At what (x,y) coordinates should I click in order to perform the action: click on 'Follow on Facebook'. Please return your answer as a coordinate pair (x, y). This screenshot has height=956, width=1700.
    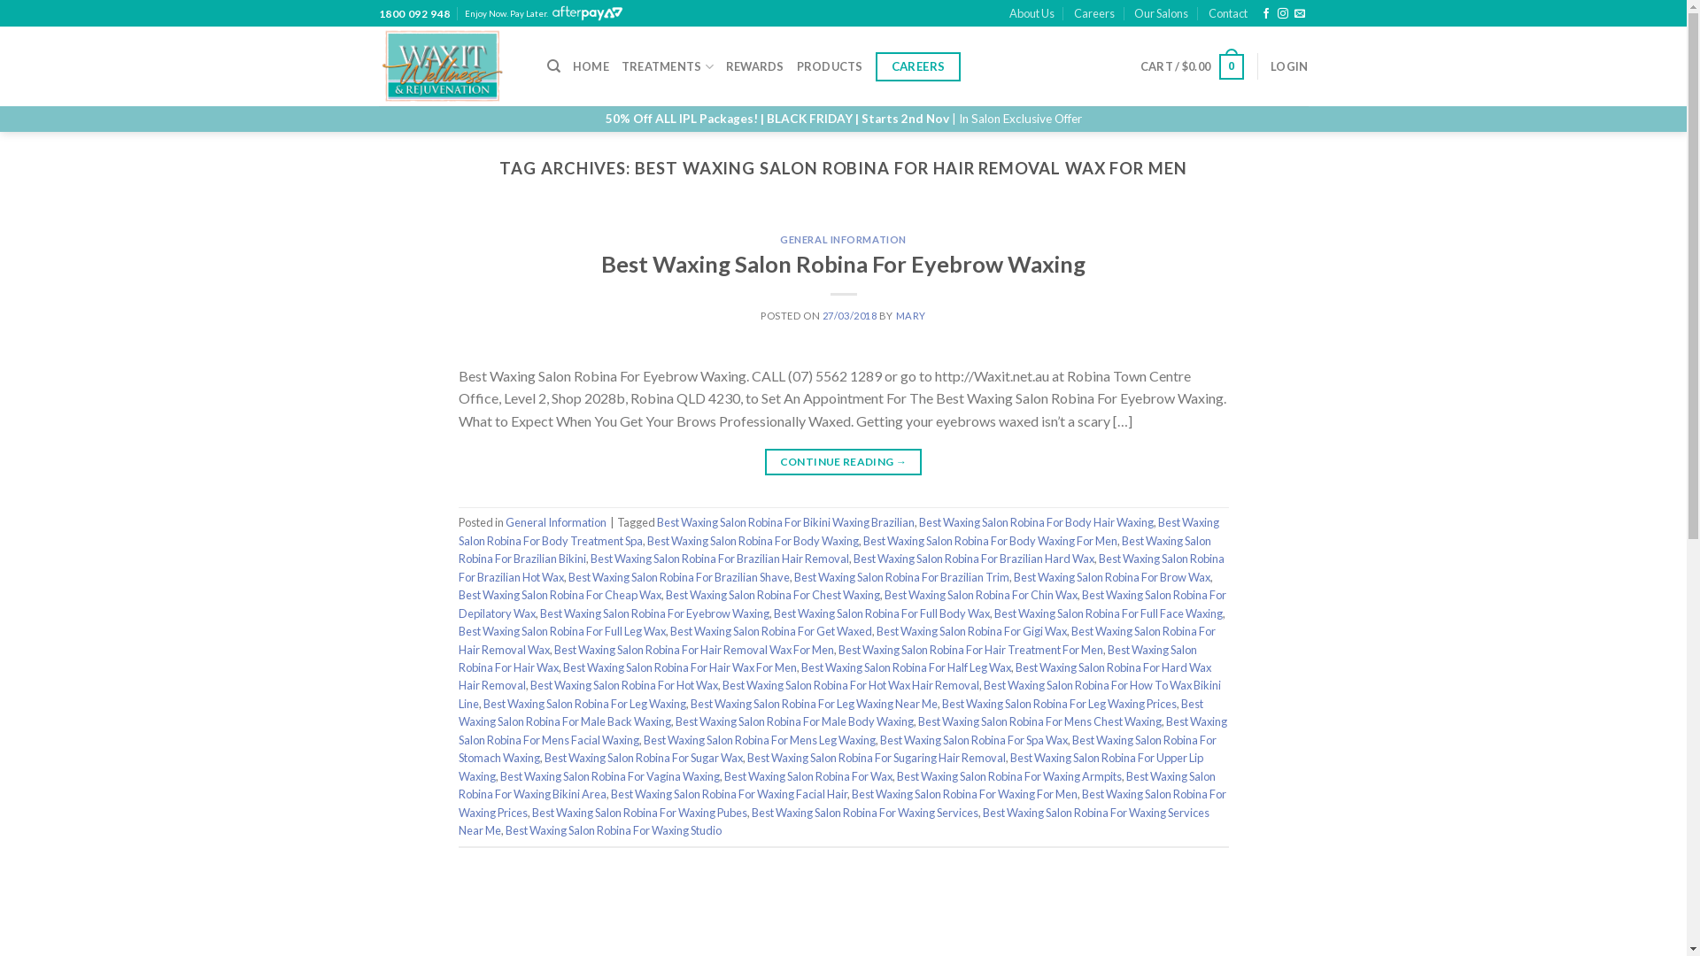
    Looking at the image, I should click on (1265, 13).